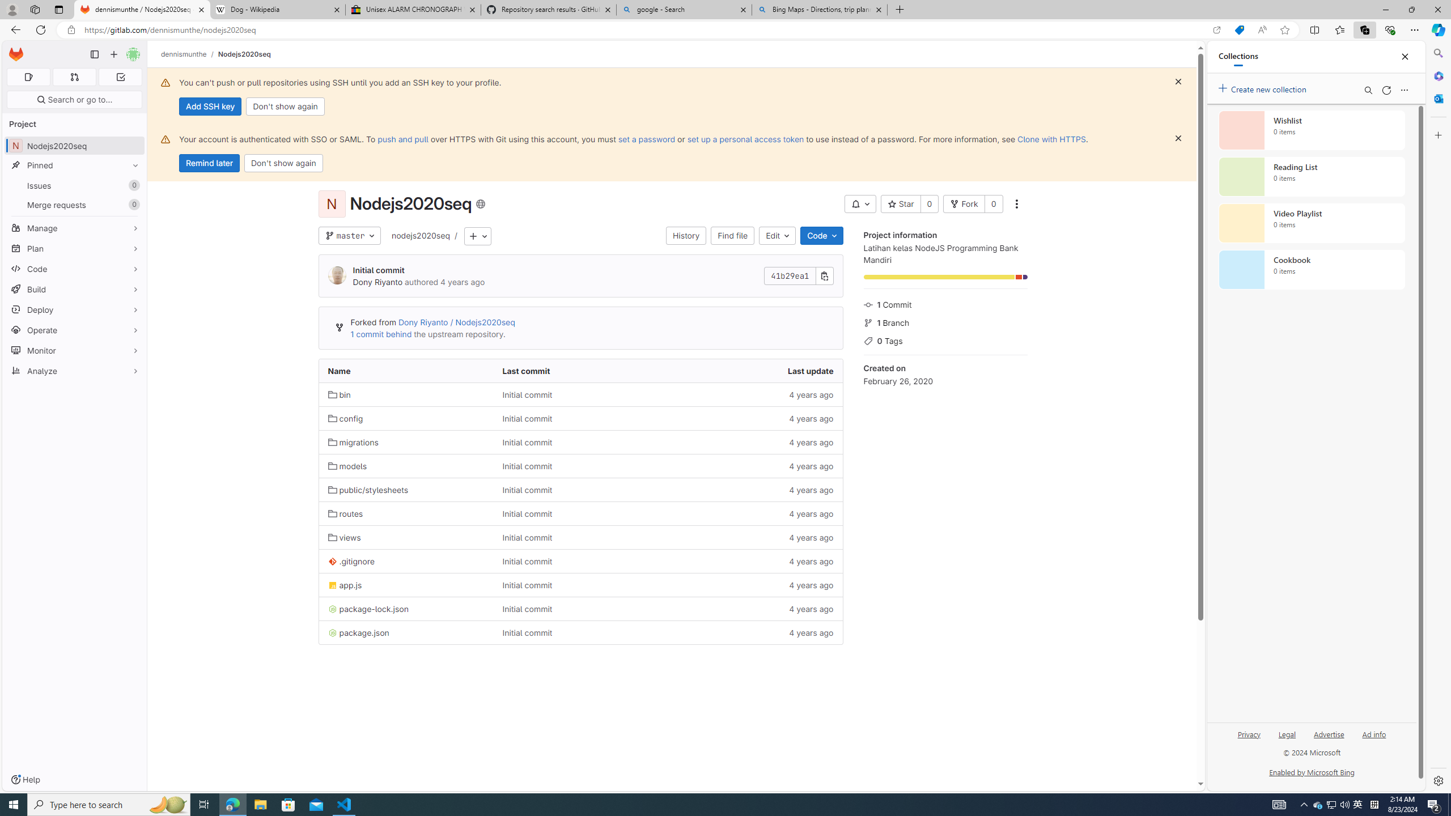  I want to click on 'Dismiss', so click(1178, 138).